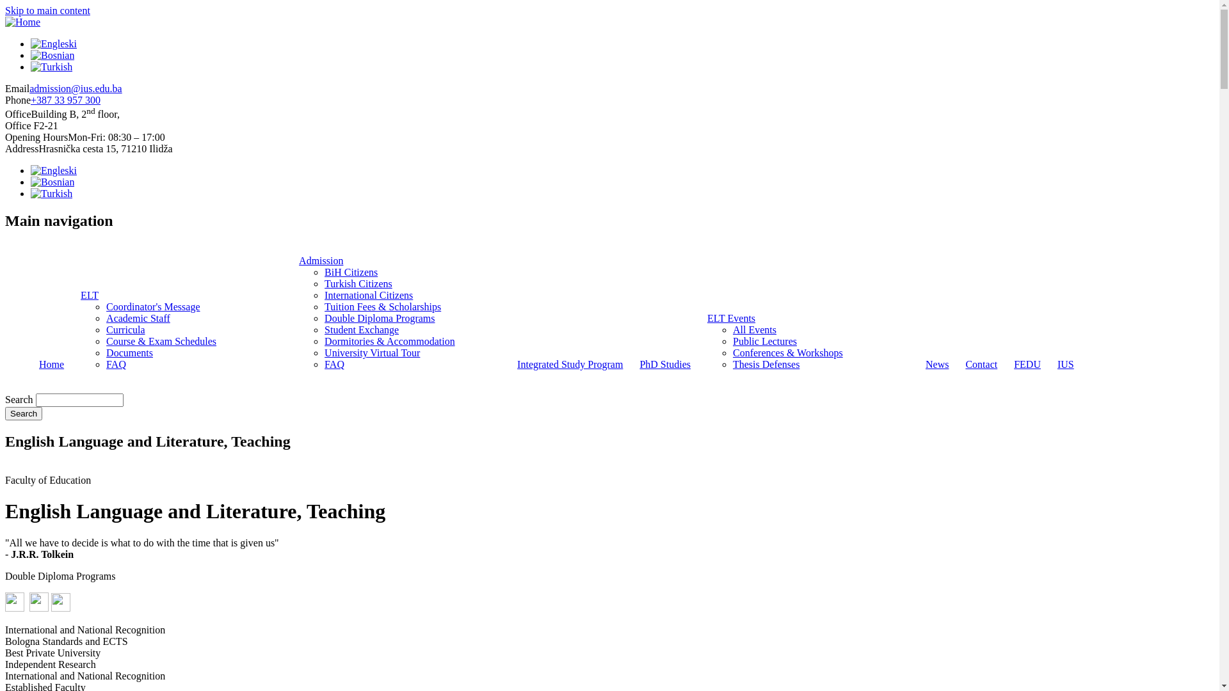  What do you see at coordinates (334, 364) in the screenshot?
I see `'FAQ'` at bounding box center [334, 364].